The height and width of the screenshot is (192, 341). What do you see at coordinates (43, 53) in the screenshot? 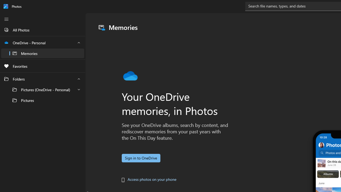
I see `'Memories'` at bounding box center [43, 53].